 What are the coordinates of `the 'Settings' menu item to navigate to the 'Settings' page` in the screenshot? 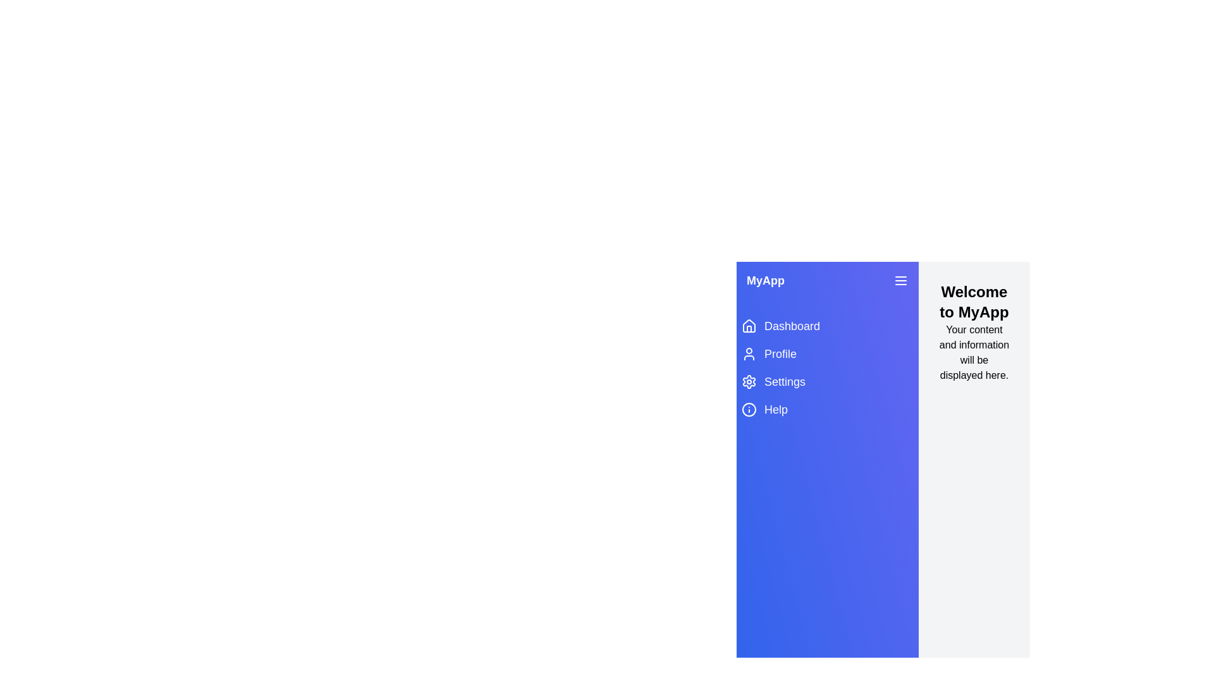 It's located at (828, 381).